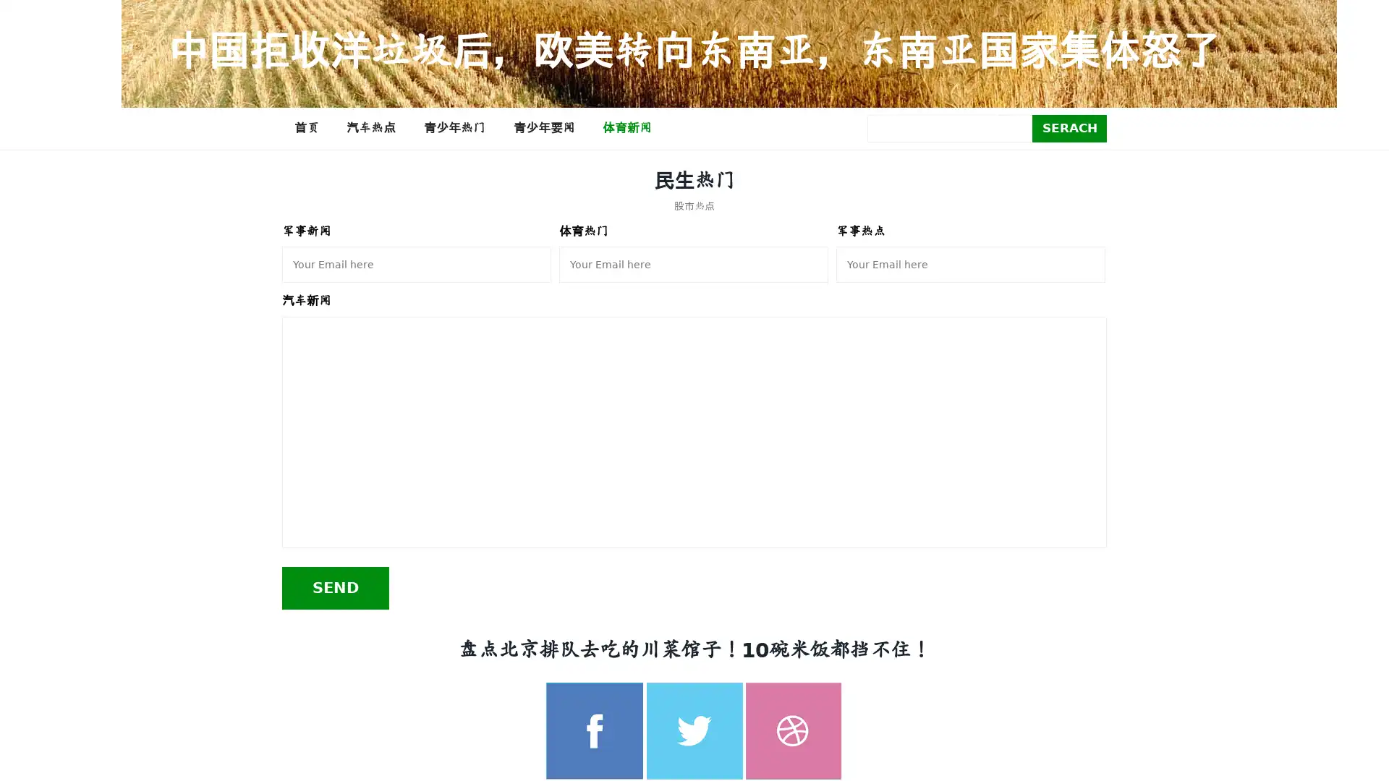  I want to click on send, so click(335, 587).